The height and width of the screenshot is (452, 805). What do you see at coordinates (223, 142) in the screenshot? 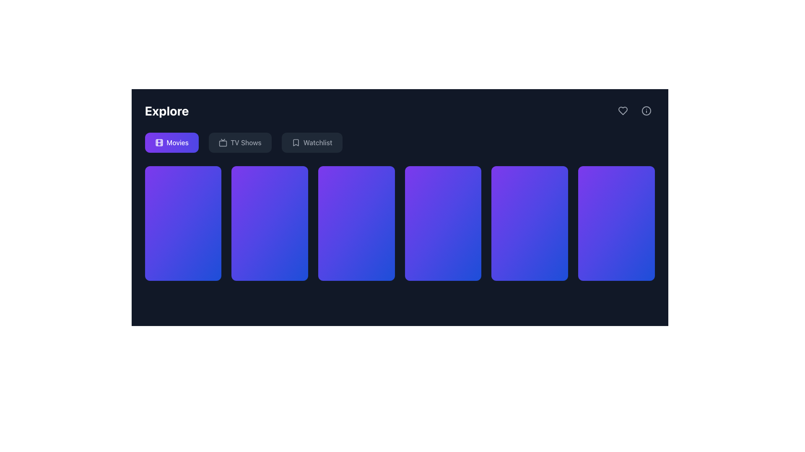
I see `the 'TV Shows' icon, which visually represents the concept of 'TV Shows' and is positioned to the left of the text label 'TV Shows'` at bounding box center [223, 142].